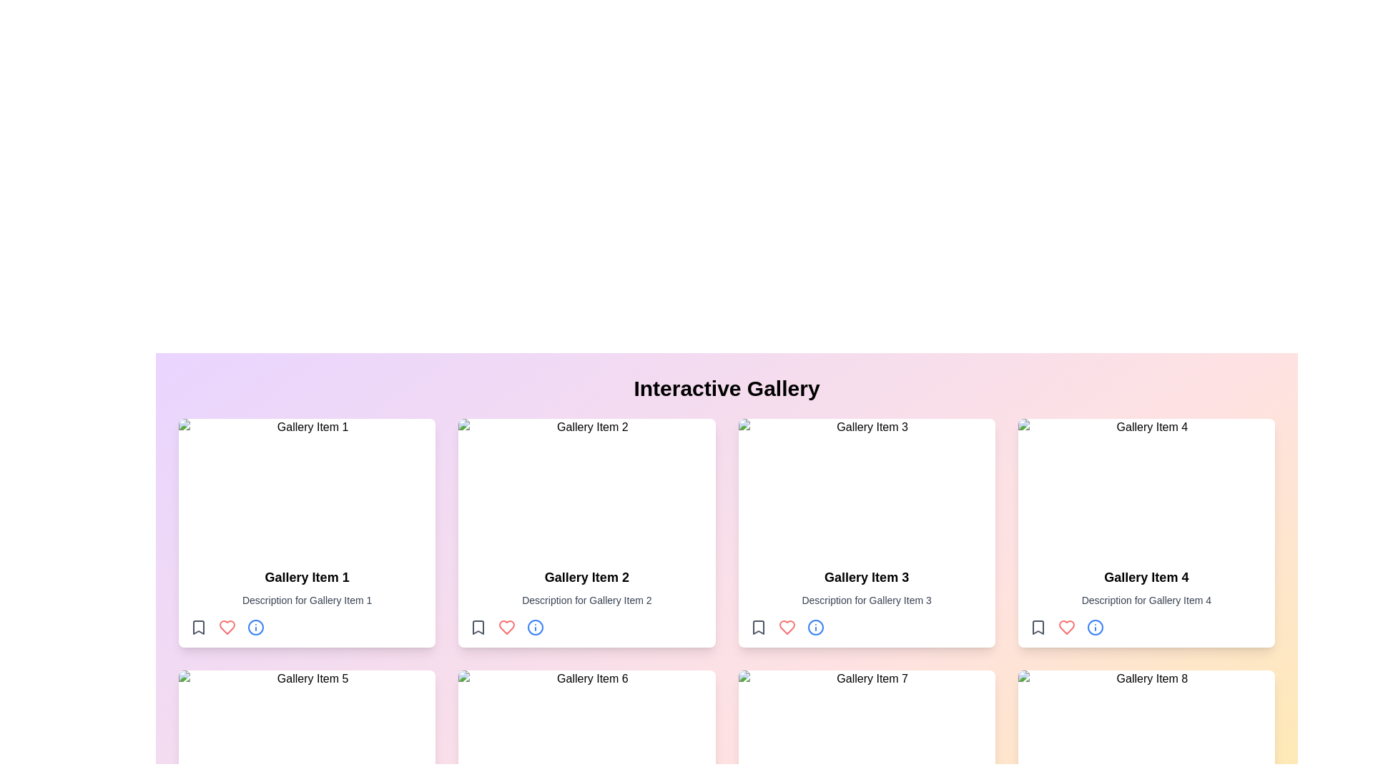 This screenshot has height=772, width=1373. I want to click on the bold, black text element labeled 'Gallery Item 2', which is positioned in the second item from the left in the top row of the gallery grid, so click(586, 576).